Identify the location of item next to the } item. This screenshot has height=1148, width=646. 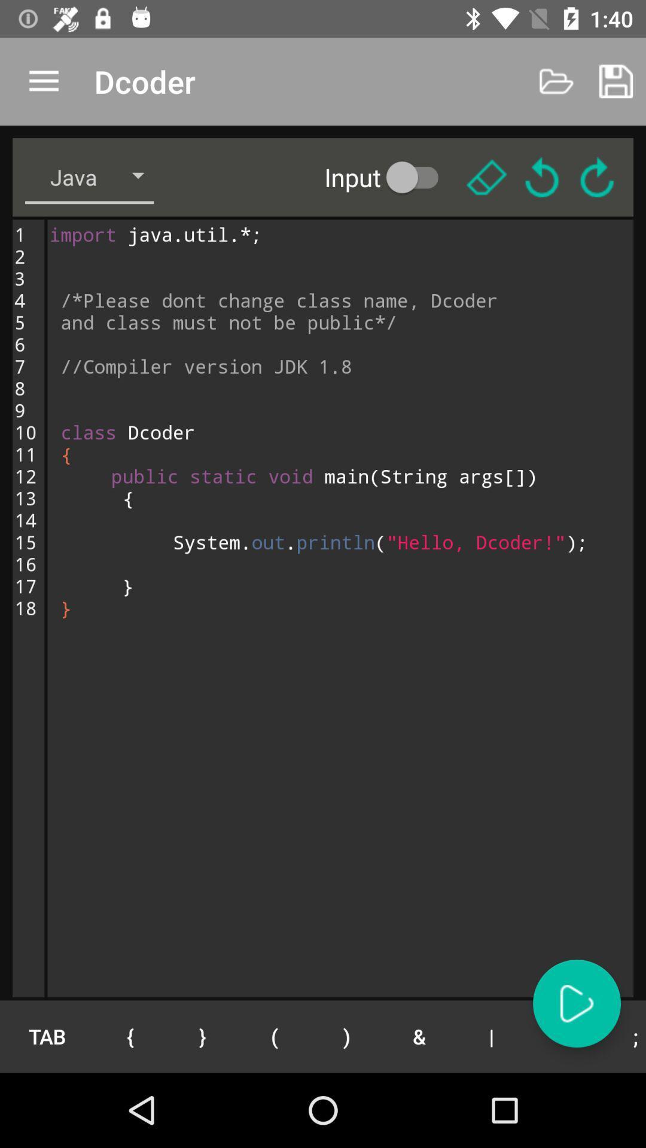
(130, 1036).